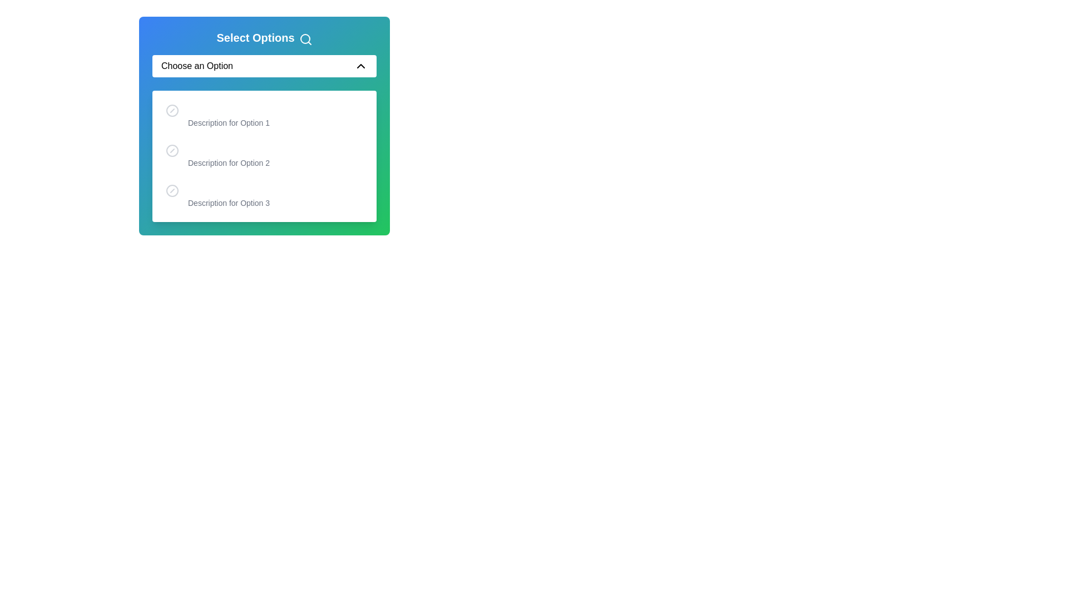 This screenshot has width=1068, height=601. What do you see at coordinates (228, 116) in the screenshot?
I see `the descriptive text beneath the label 'Option 1' in the options list` at bounding box center [228, 116].